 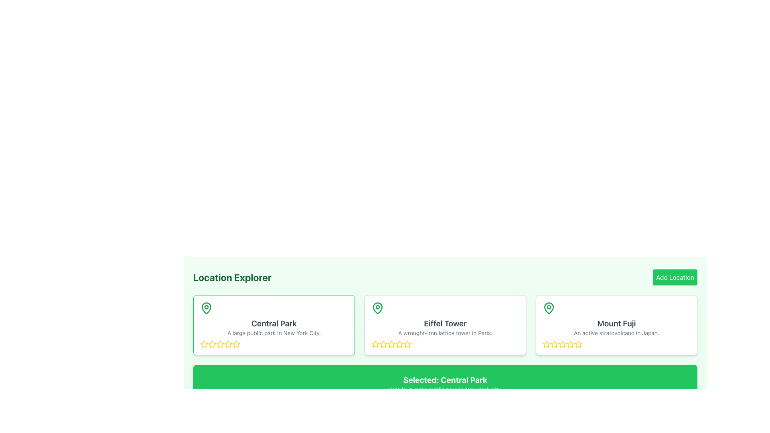 What do you see at coordinates (407, 344) in the screenshot?
I see `the fourth star icon in the rating system for the 'Eiffel Tower' card, which is unfilled and has a yellow outline and white interior` at bounding box center [407, 344].